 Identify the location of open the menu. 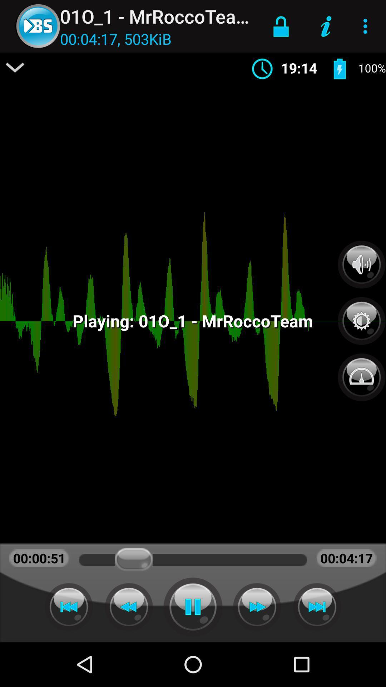
(15, 67).